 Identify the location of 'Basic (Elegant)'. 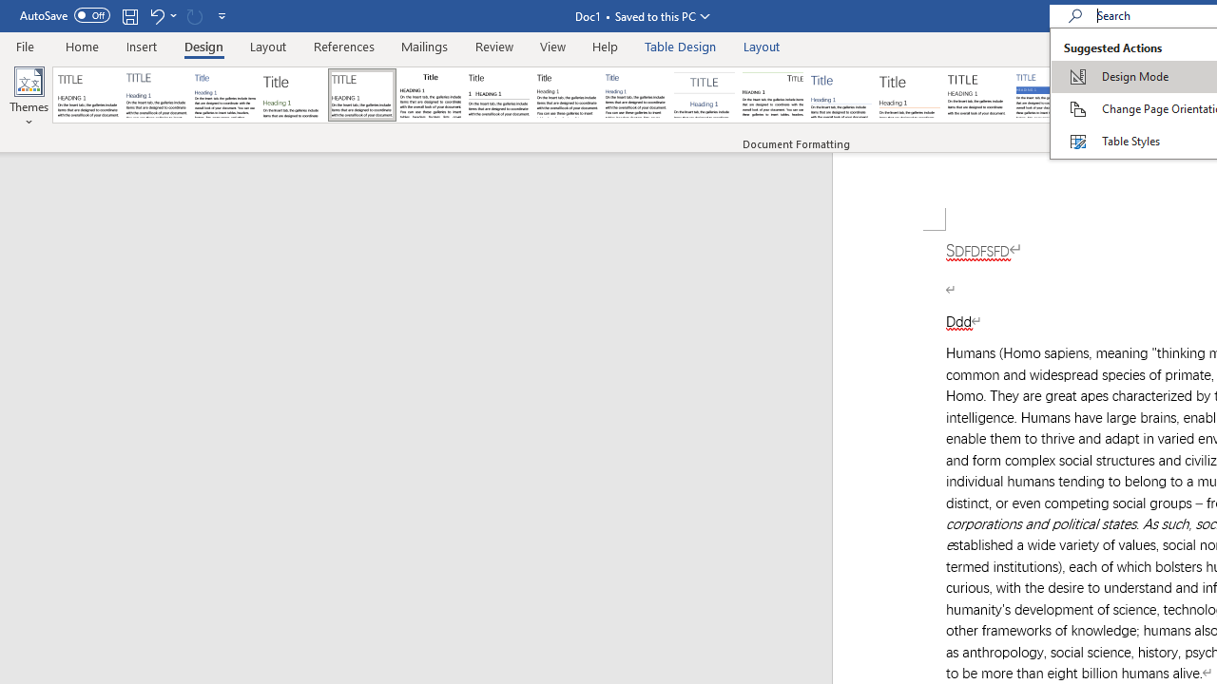
(157, 95).